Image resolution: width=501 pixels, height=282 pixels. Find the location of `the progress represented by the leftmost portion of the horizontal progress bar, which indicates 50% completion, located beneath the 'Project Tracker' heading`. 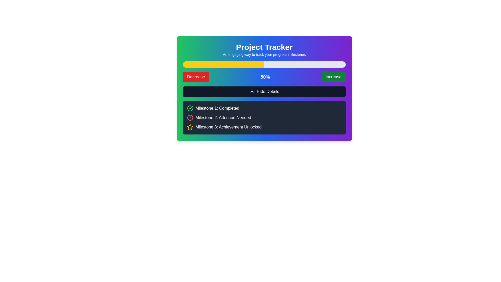

the progress represented by the leftmost portion of the horizontal progress bar, which indicates 50% completion, located beneath the 'Project Tracker' heading is located at coordinates (224, 64).